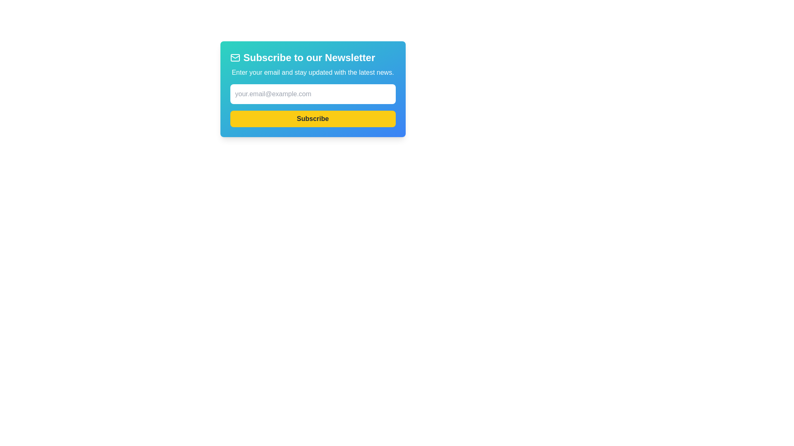 Image resolution: width=794 pixels, height=446 pixels. I want to click on the informational text element that provides guidance about the email subscription feature, located between the title 'Subscribe to our Newsletter' and the input field, so click(312, 72).